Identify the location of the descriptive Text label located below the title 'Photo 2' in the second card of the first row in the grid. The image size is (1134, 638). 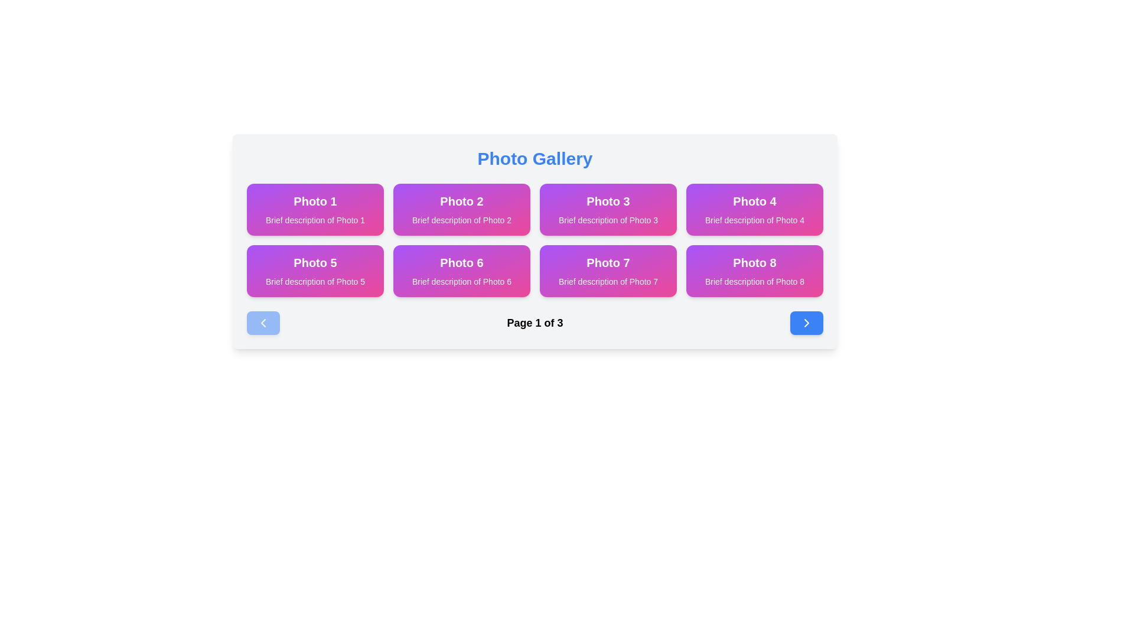
(461, 220).